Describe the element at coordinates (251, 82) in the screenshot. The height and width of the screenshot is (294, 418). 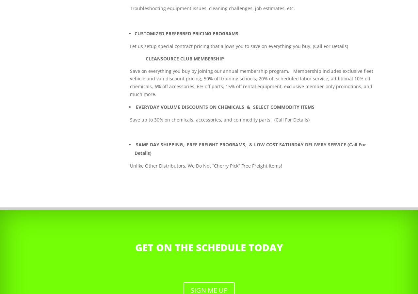
I see `'Save on everything you buy by joining our annual membership program.   Membership includes exclusive fleet vehicle and van discount pricing, 50% off training schools, 20% off scheduled labor service, additional 10% off chemicals, 6% off accessories, 6% off parts, 15% off rental equipment, exclusive member-only promotions, and much more.'` at that location.